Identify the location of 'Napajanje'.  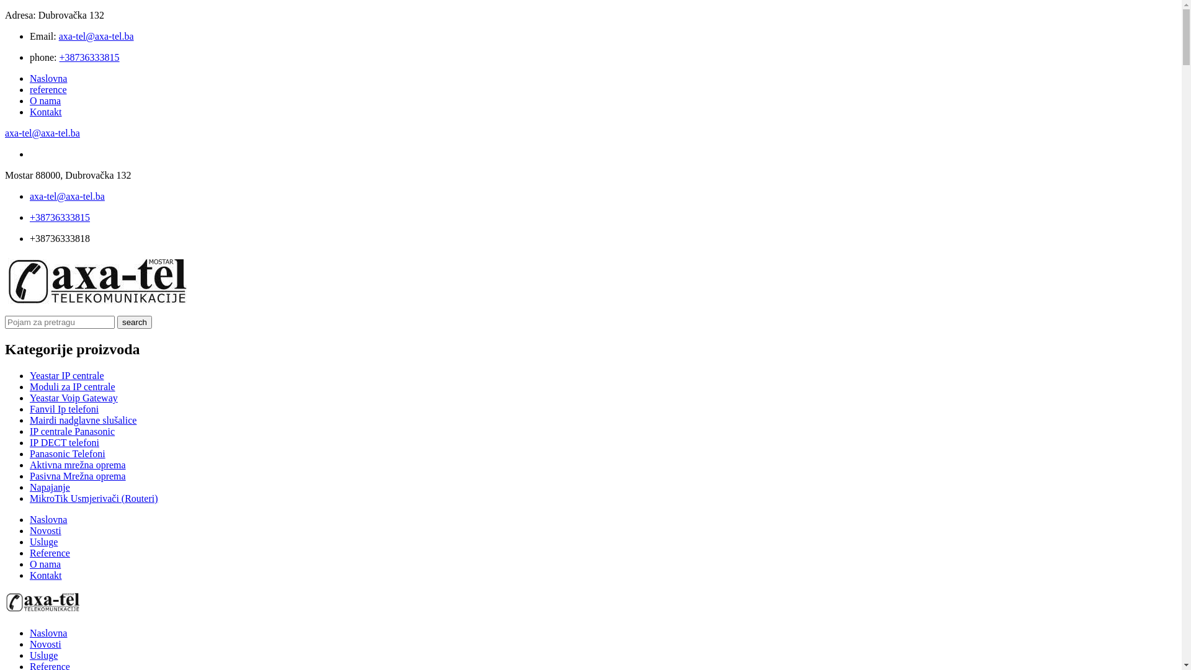
(30, 486).